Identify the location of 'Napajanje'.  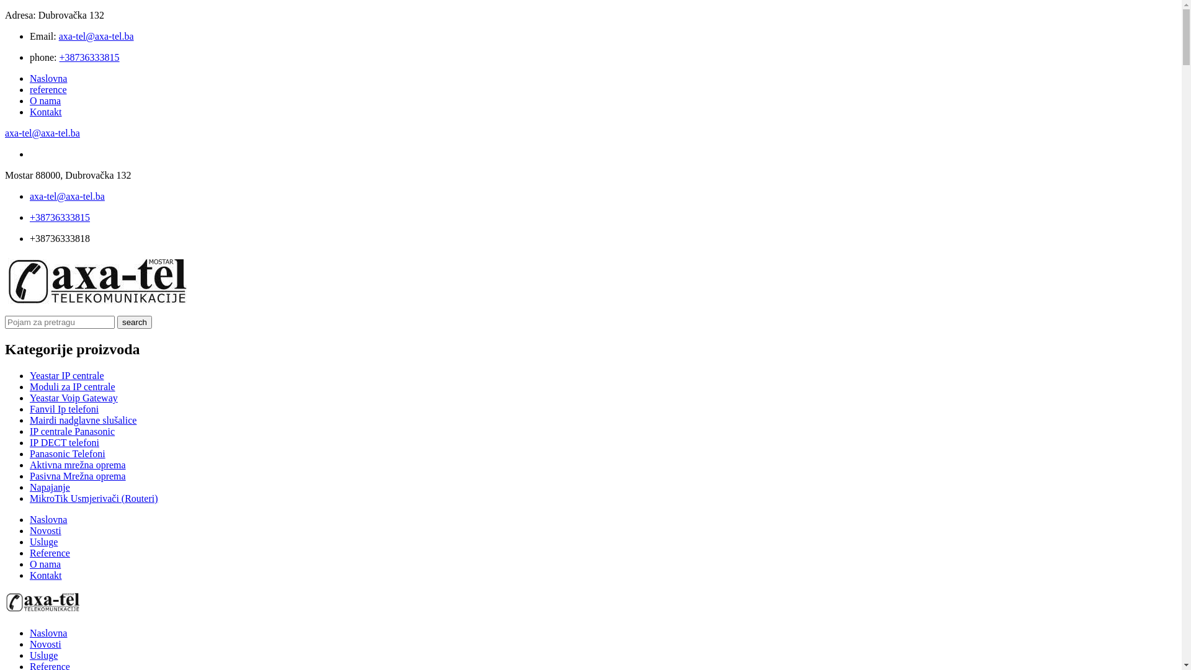
(30, 486).